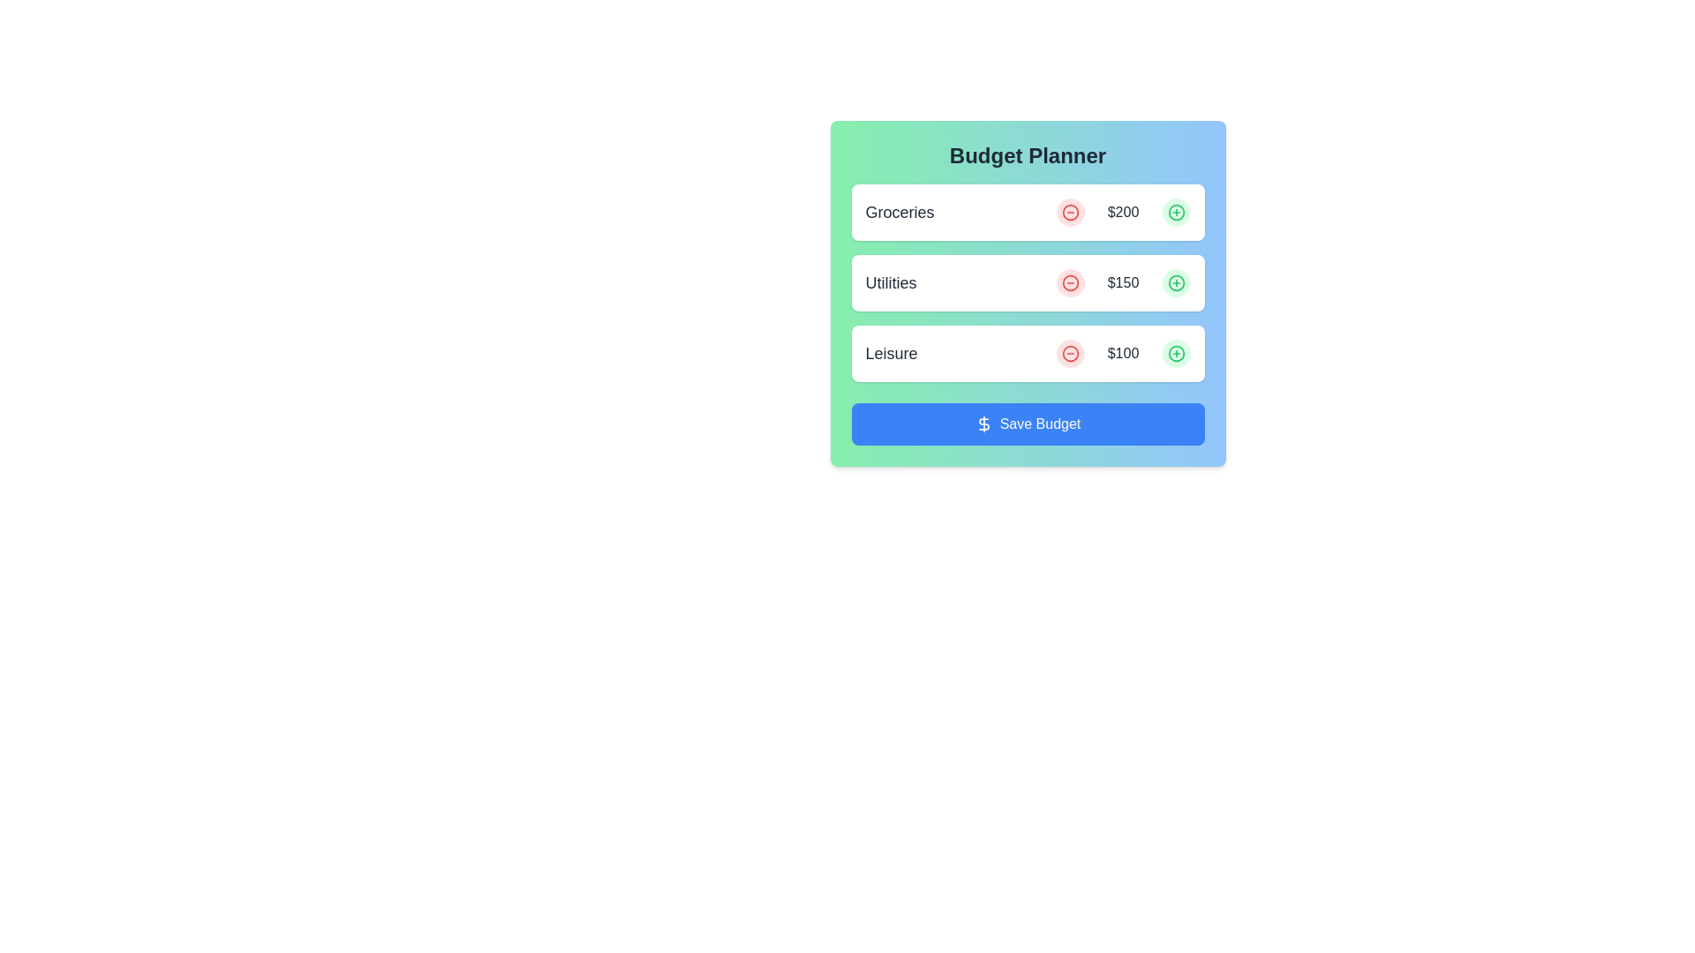 This screenshot has width=1695, height=953. What do you see at coordinates (1122, 281) in the screenshot?
I see `the text label displaying the current value or cost associated with the 'Utilities' category in the budget planner, which is centered between a red button on the left and a green button on the right` at bounding box center [1122, 281].